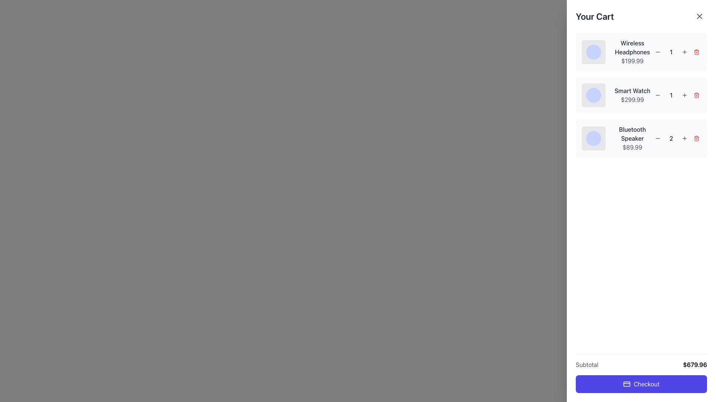 Image resolution: width=716 pixels, height=402 pixels. I want to click on the Close button icon located in the upper-right corner of the cart panel, so click(699, 16).